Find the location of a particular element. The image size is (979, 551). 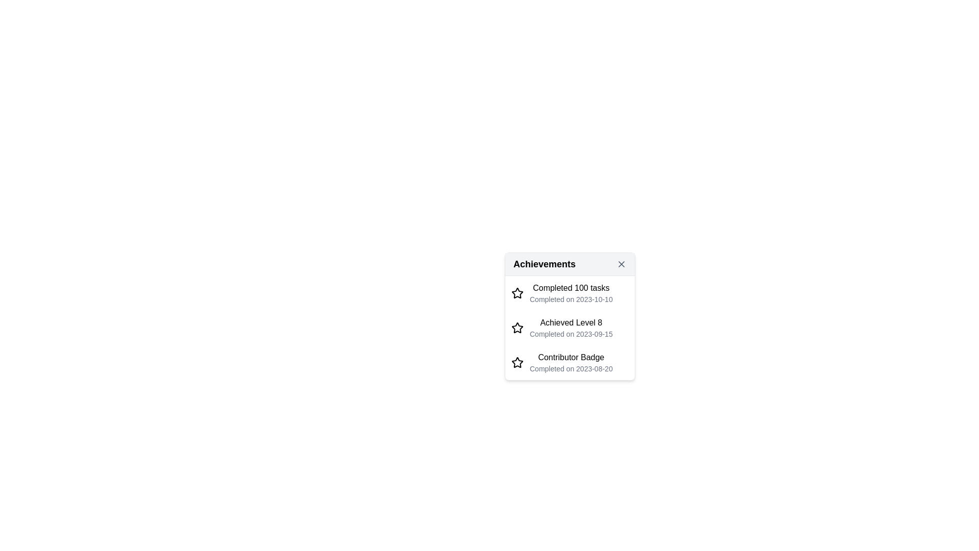

the Text label that displays the completion date of the associated achievement, which is located beneath the text 'Achieved Level 8' in the 'Achievements' modal panel is located at coordinates (571, 334).